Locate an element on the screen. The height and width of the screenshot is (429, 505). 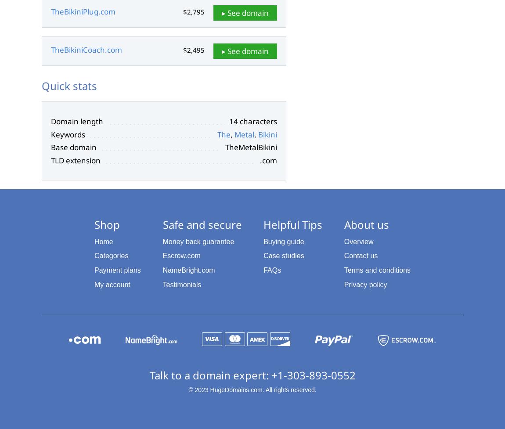
'Escrow.com' is located at coordinates (181, 255).